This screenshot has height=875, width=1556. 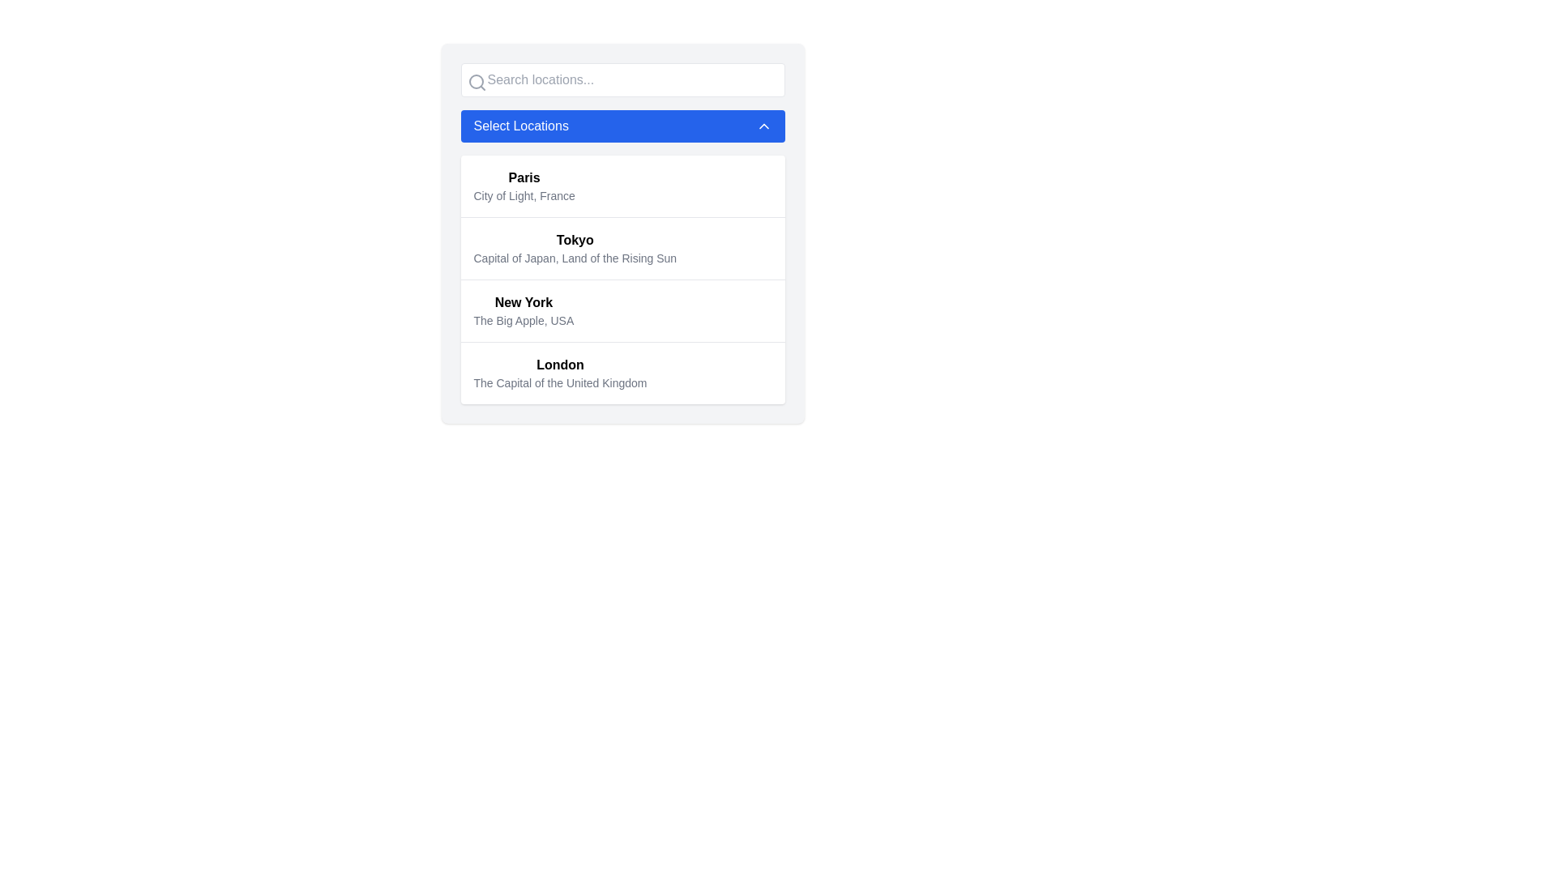 What do you see at coordinates (560, 383) in the screenshot?
I see `the Text Label providing additional descriptive information about the city 'London', located below its title element in the list` at bounding box center [560, 383].